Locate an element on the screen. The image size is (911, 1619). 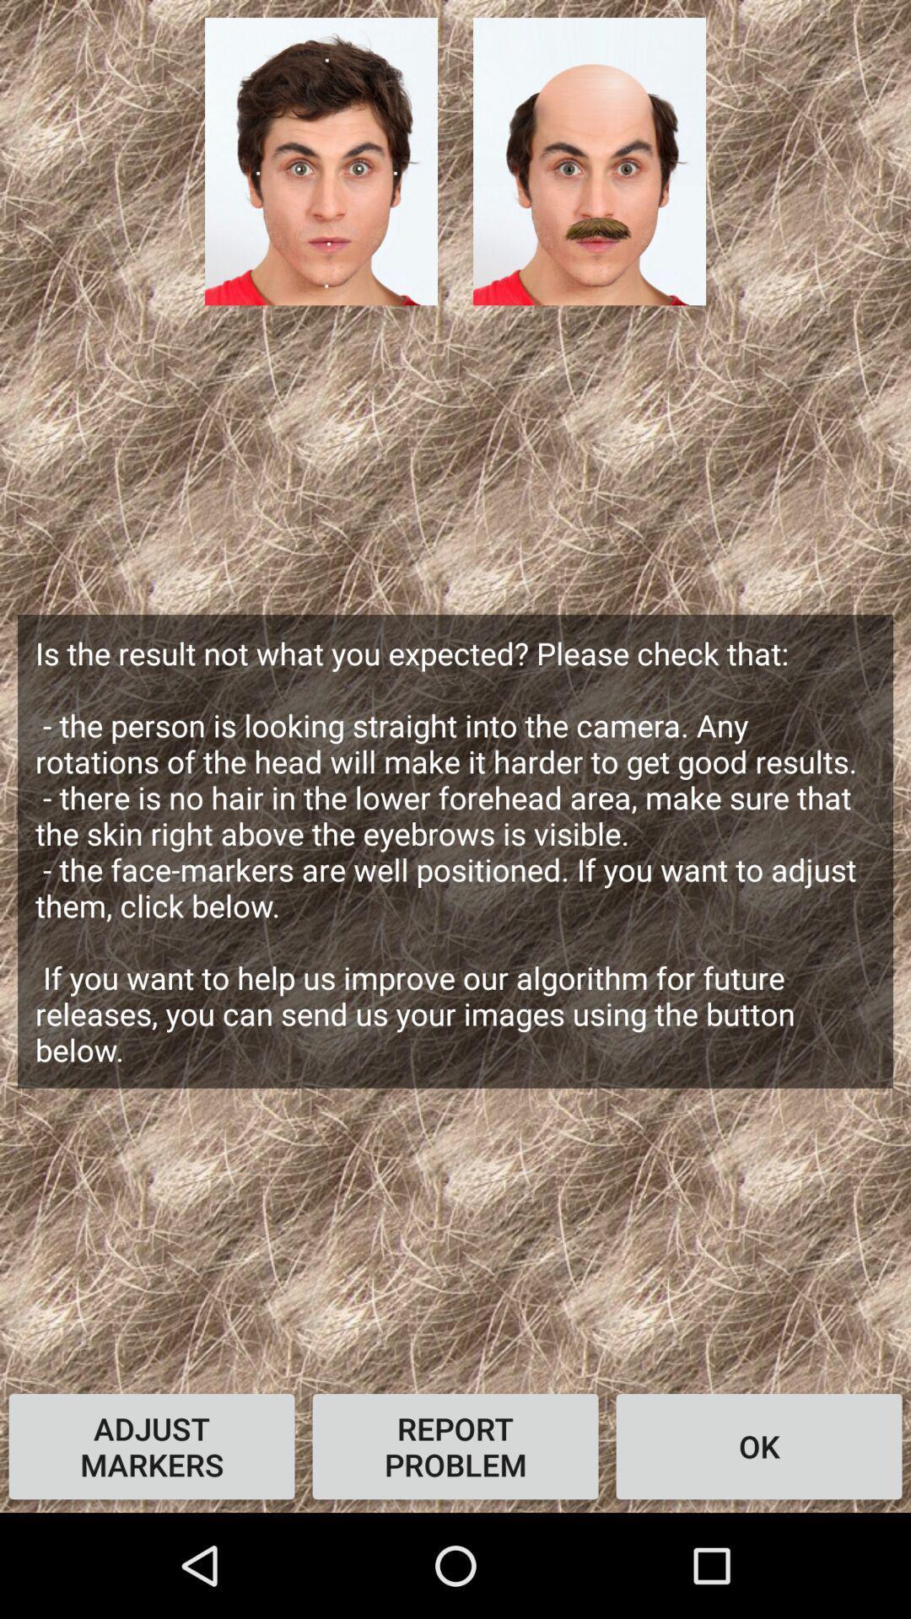
button to the right of report problem item is located at coordinates (757, 1445).